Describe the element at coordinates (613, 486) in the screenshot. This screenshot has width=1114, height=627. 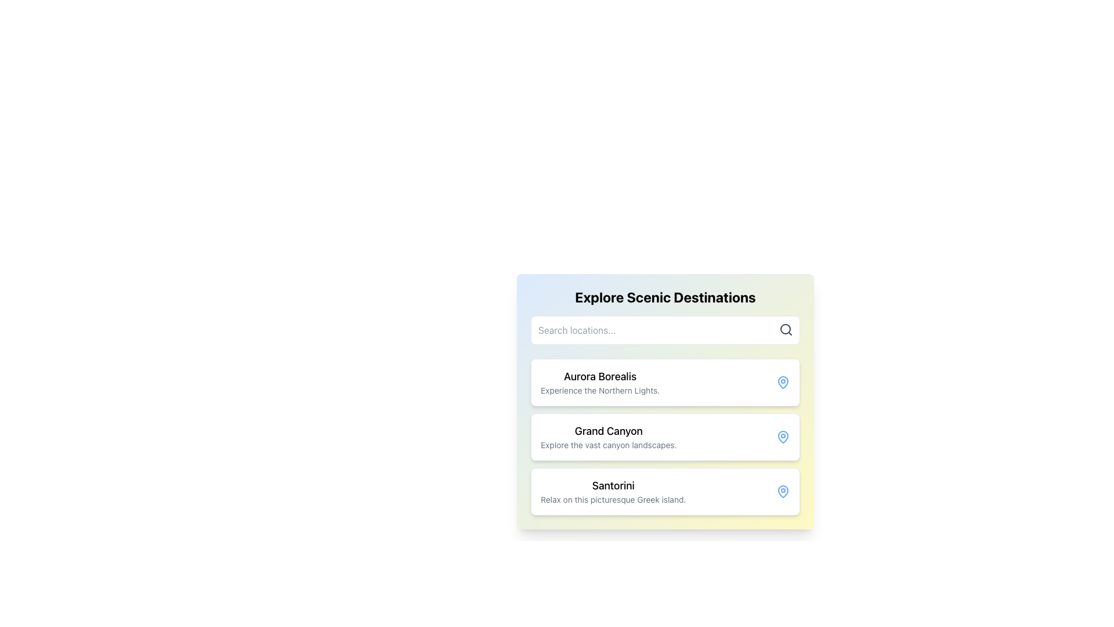
I see `header text 'Santorini' located at the center of the third list item in a vertical list of scenic destinations` at that location.